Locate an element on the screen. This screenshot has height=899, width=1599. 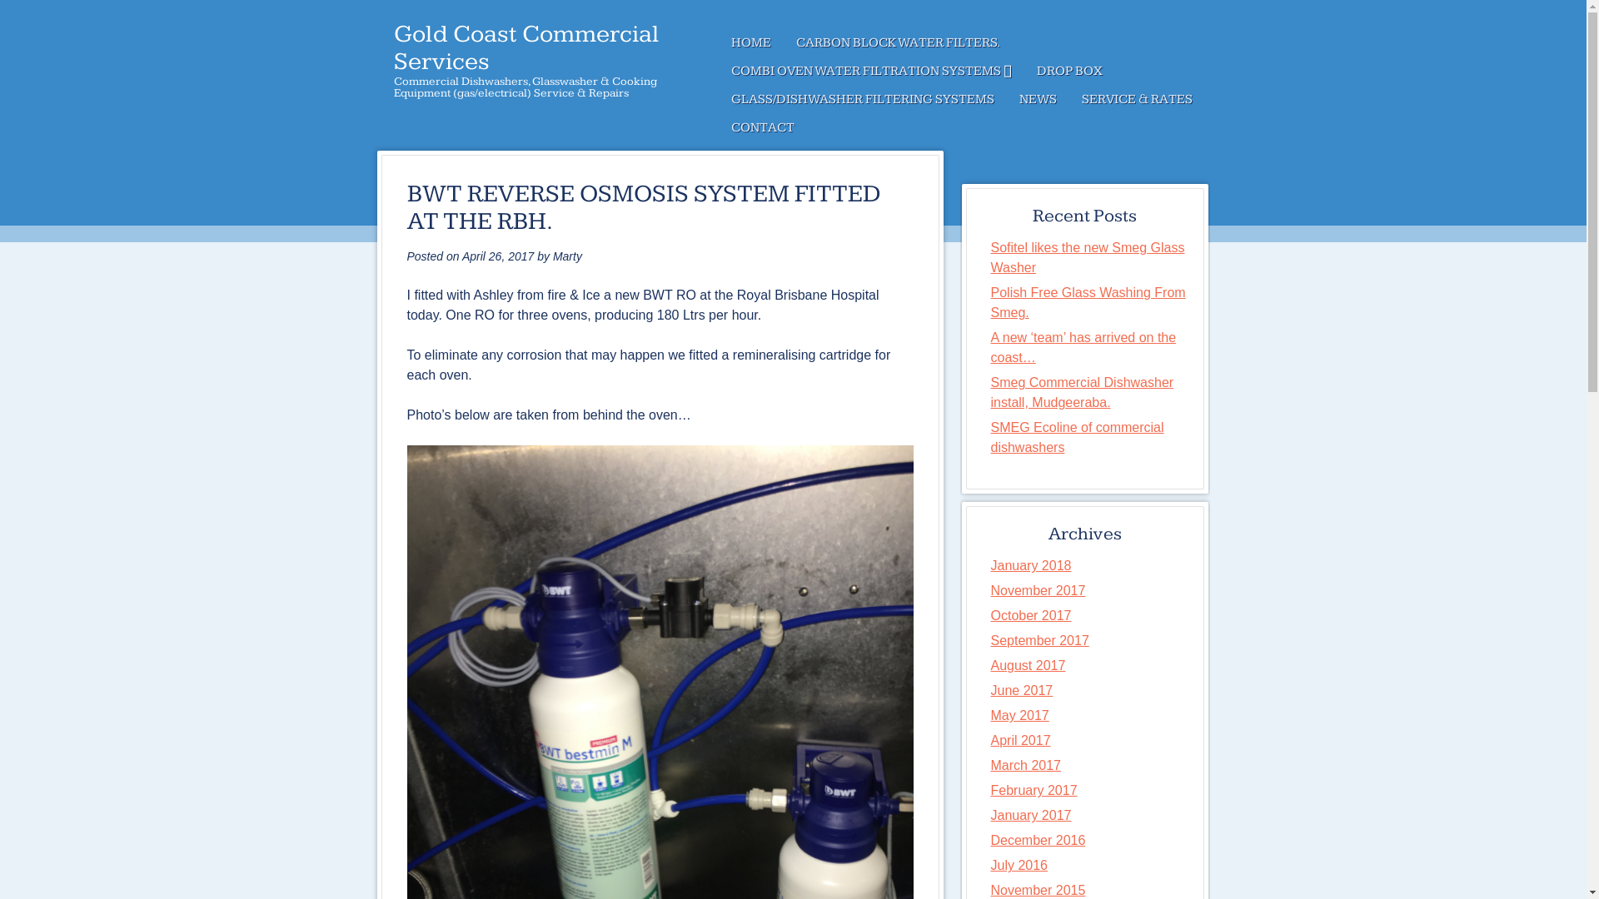
'August 2017' is located at coordinates (1027, 664).